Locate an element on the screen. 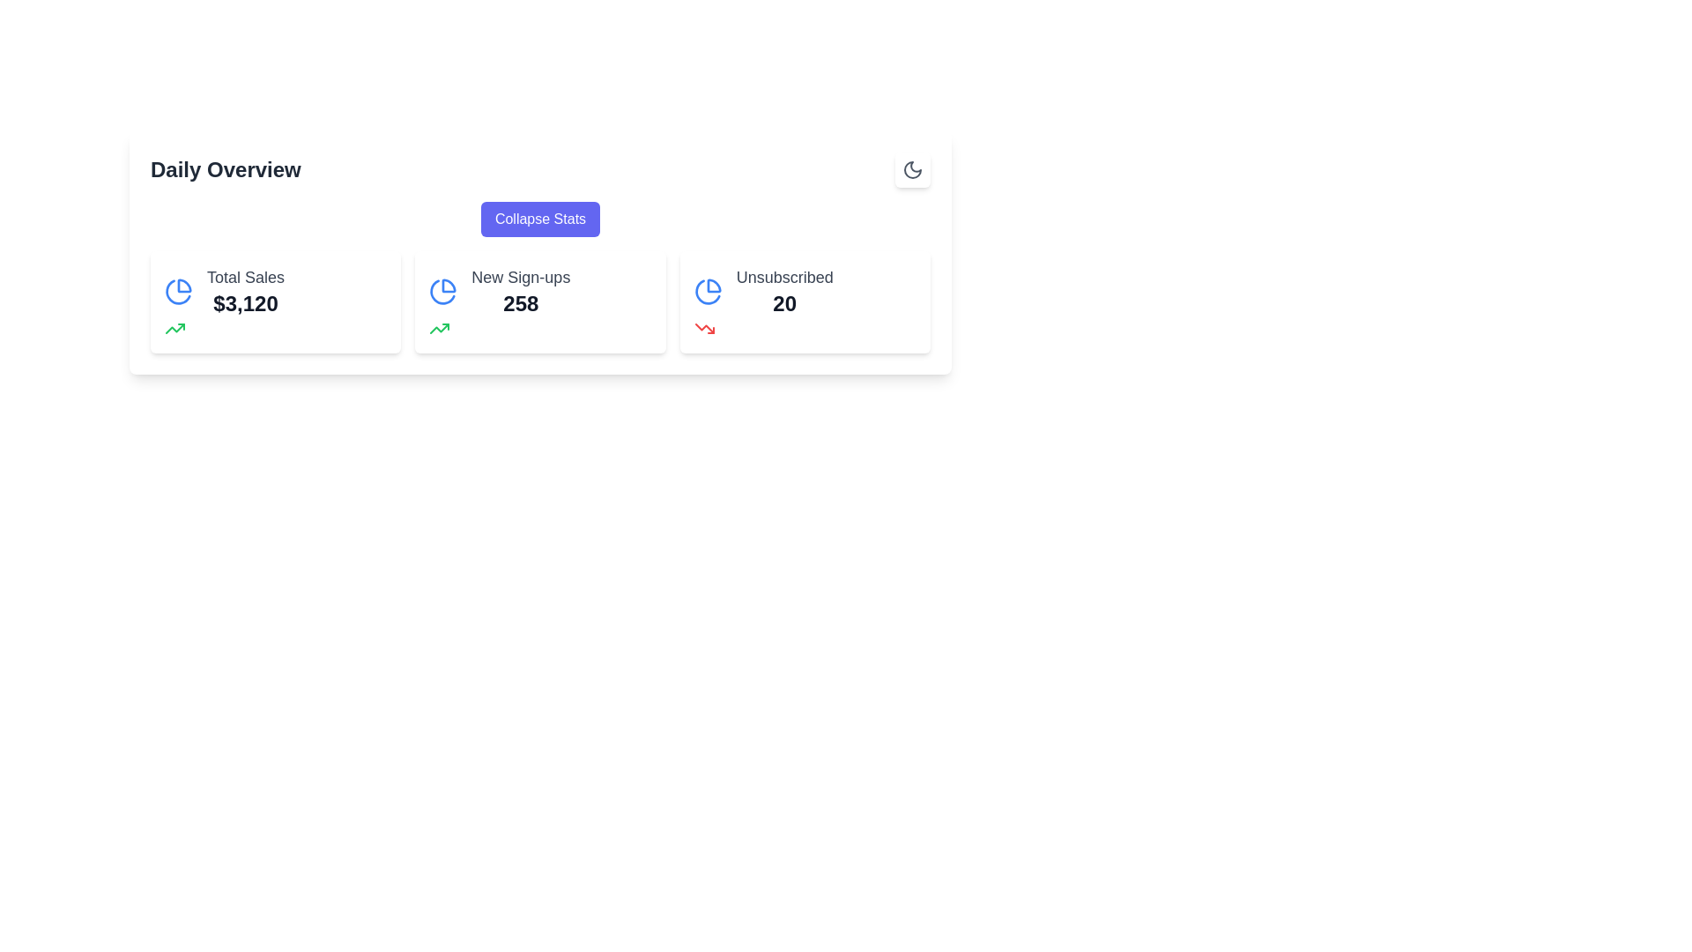 The image size is (1692, 952). the pie chart icon styled as an SVG graphic located in the 'New Sign-ups' section, which features blue strokes and is positioned between 'Total Sales' and 'Unsubscribed' is located at coordinates (443, 291).